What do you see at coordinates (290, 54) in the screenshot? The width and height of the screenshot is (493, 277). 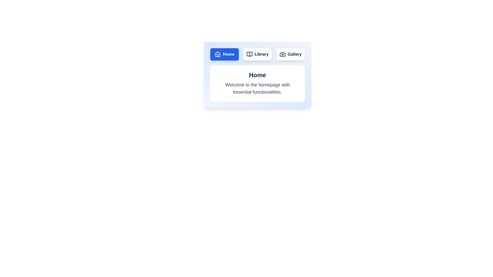 I see `the Gallery tab by clicking on its button` at bounding box center [290, 54].